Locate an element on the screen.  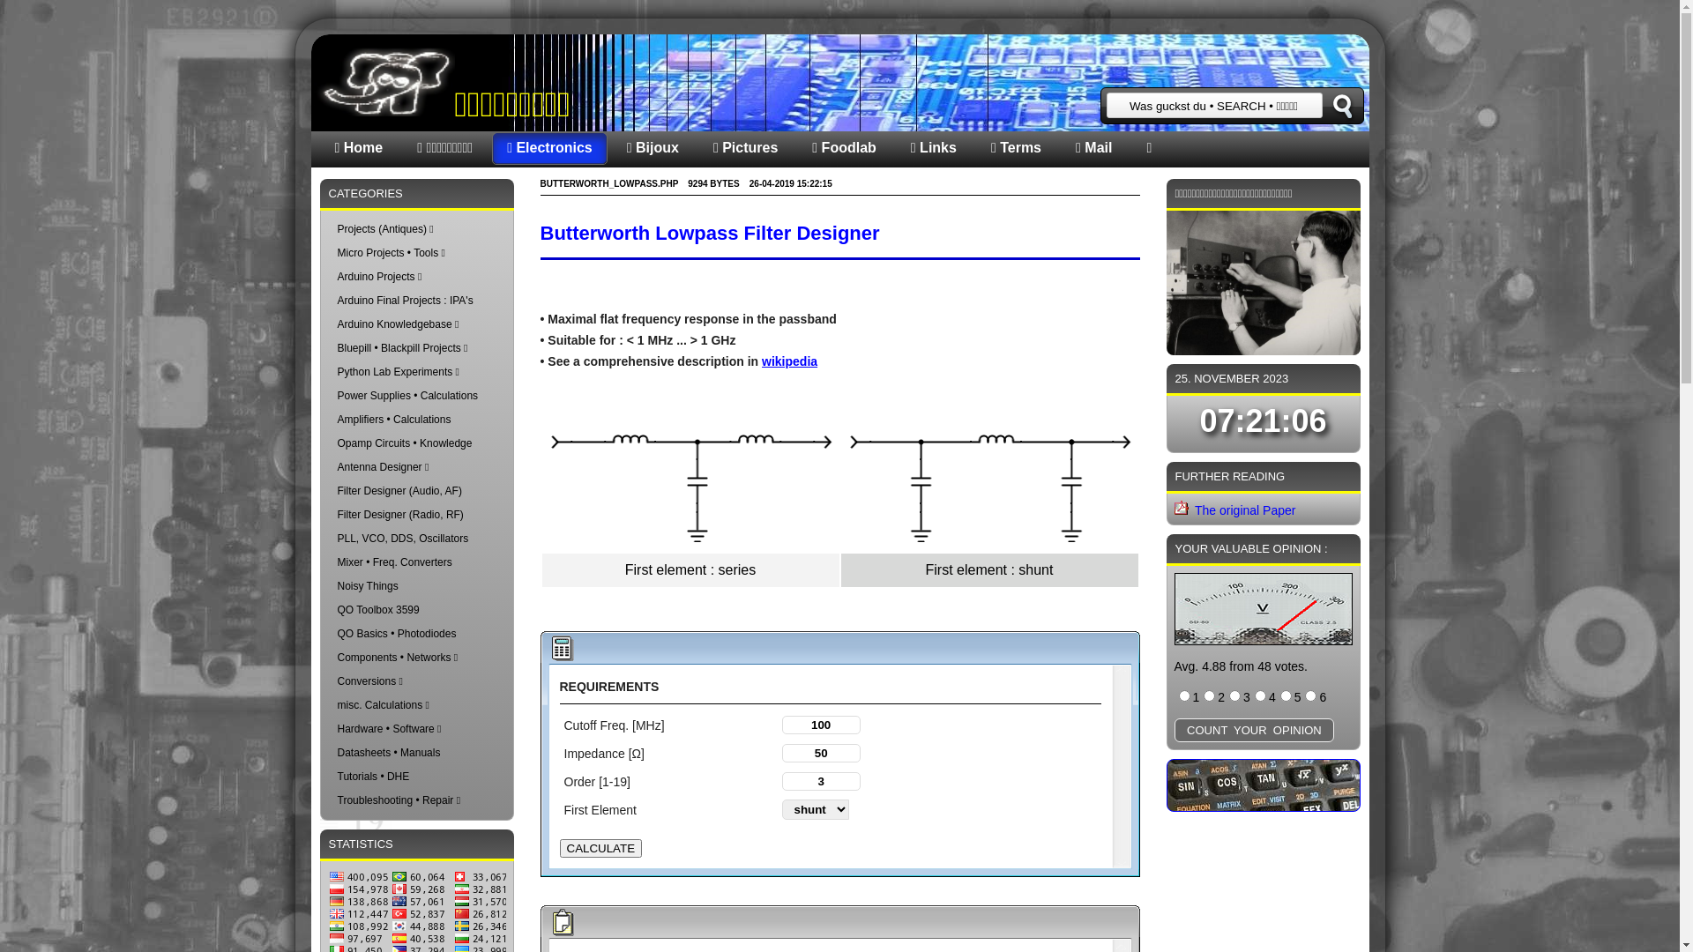
'QO Toolbox 3599' is located at coordinates (377, 608).